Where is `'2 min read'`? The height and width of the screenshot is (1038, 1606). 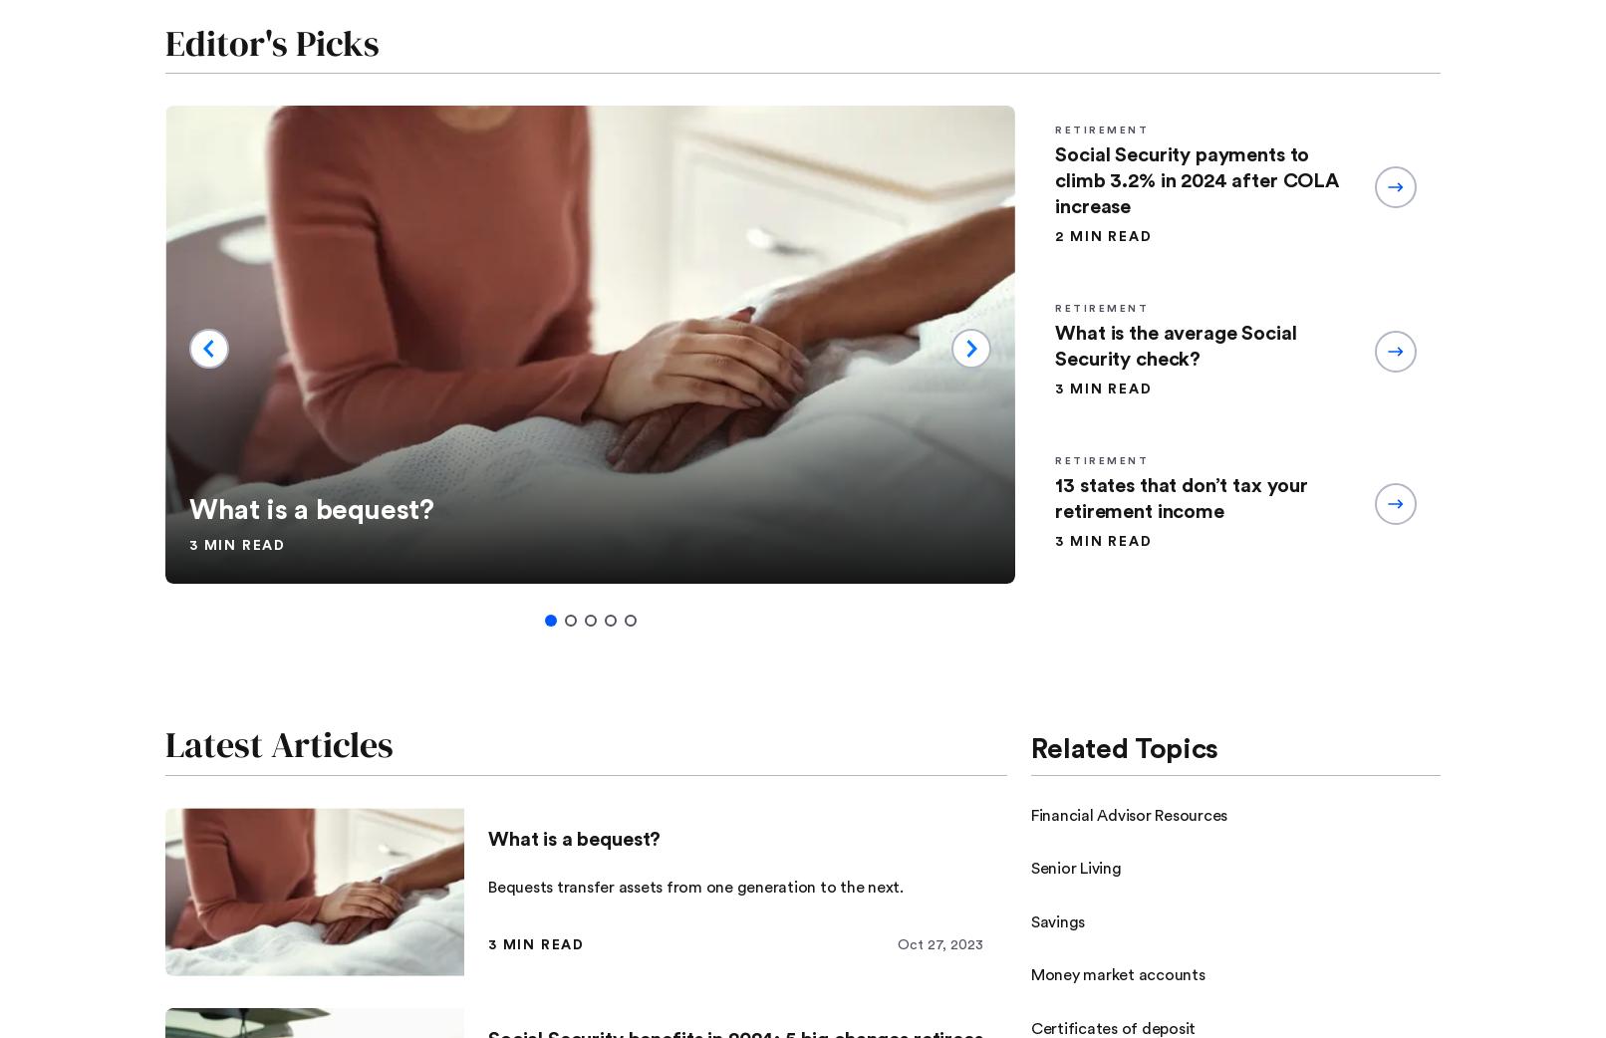
'2 min read' is located at coordinates (1103, 235).